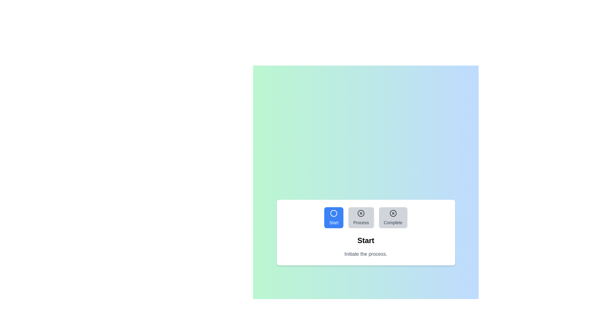  I want to click on the circular icon with a cross inside it, located near the top center of the 'Complete' button, so click(393, 213).